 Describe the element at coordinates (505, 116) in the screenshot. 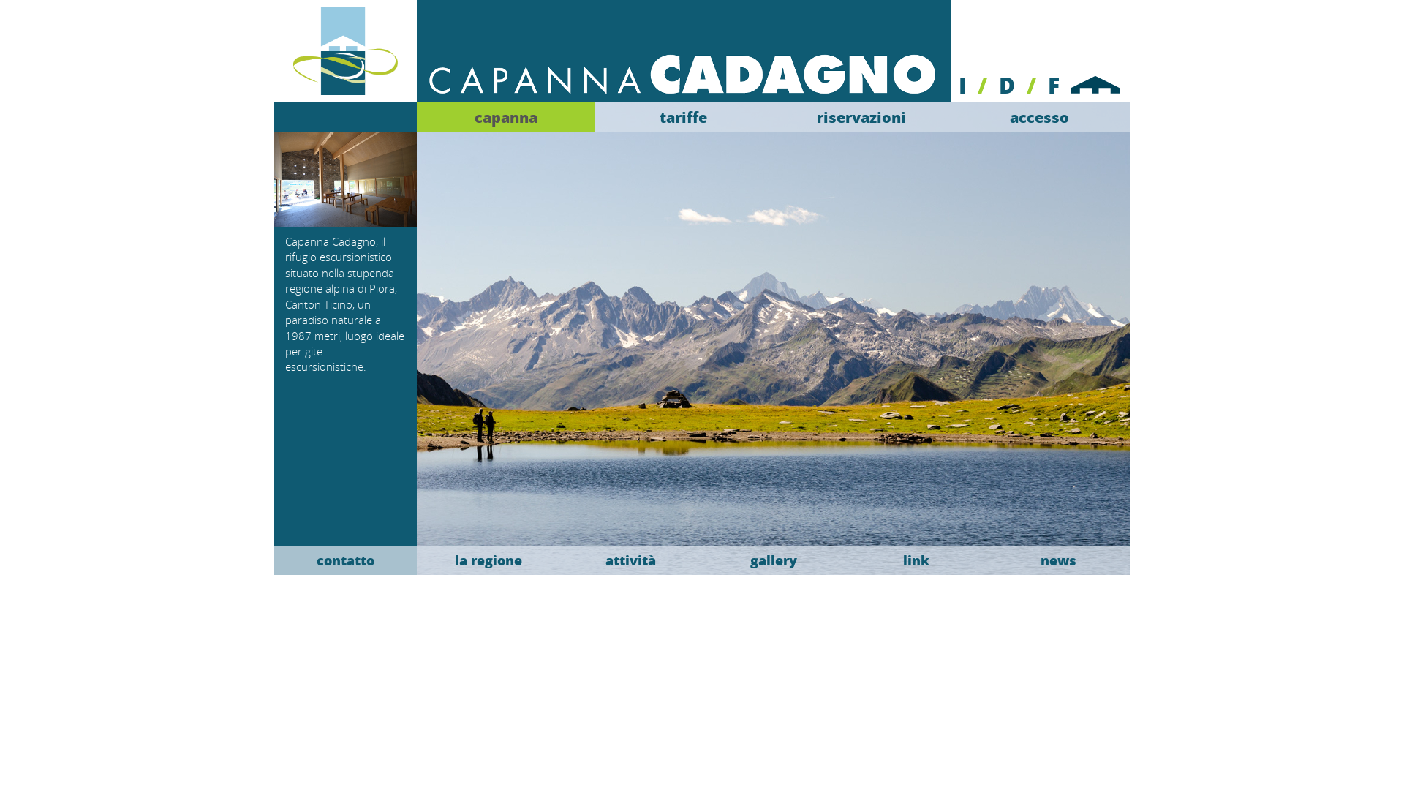

I see `'capanna'` at that location.